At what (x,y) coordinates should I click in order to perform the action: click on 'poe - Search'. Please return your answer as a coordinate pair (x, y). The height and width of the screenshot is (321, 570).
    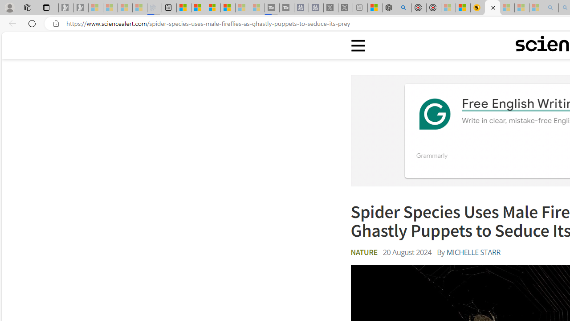
    Looking at the image, I should click on (404, 8).